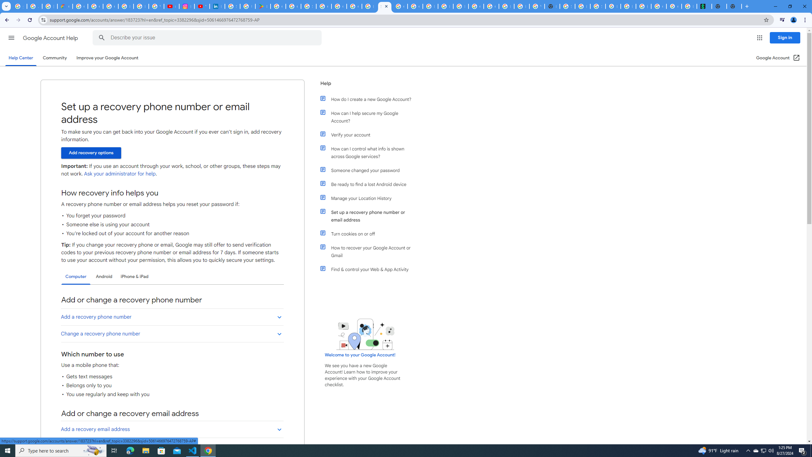  I want to click on 'Find & control your Web & App Activity', so click(369, 269).